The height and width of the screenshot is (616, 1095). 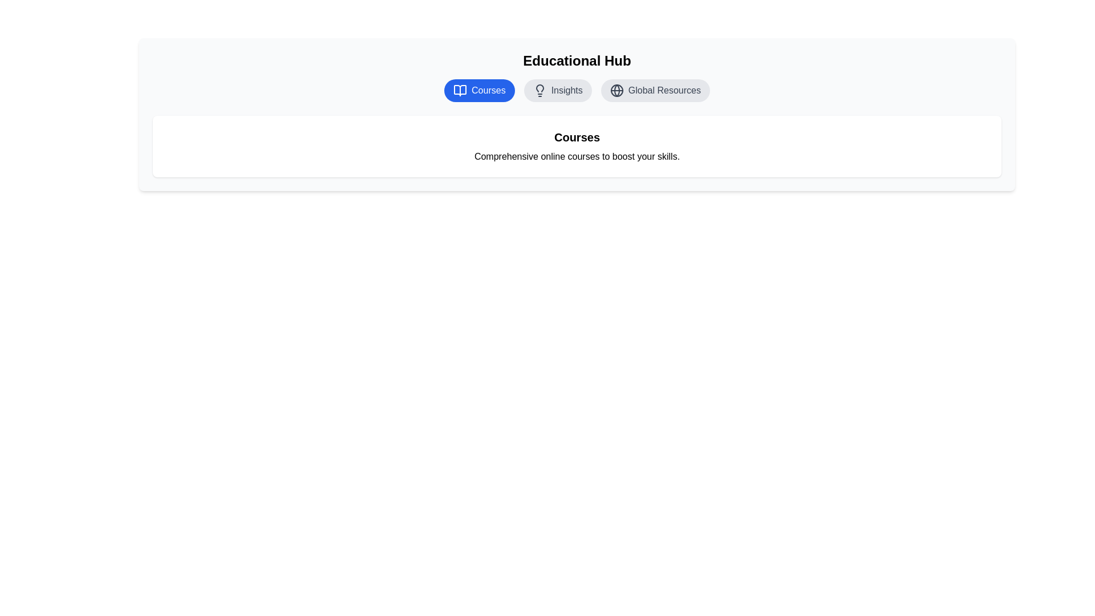 What do you see at coordinates (655, 90) in the screenshot?
I see `the 'Global Resources' tab to view its content` at bounding box center [655, 90].